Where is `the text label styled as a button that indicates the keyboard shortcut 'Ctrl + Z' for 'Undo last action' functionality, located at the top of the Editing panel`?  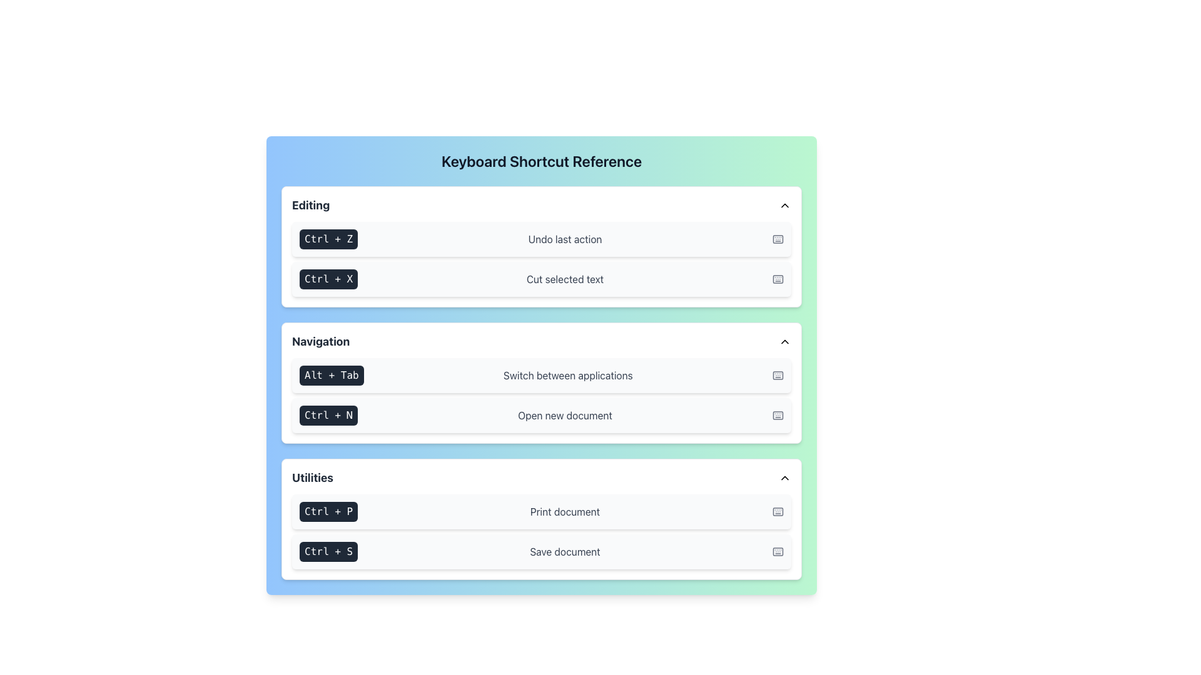 the text label styled as a button that indicates the keyboard shortcut 'Ctrl + Z' for 'Undo last action' functionality, located at the top of the Editing panel is located at coordinates (328, 239).